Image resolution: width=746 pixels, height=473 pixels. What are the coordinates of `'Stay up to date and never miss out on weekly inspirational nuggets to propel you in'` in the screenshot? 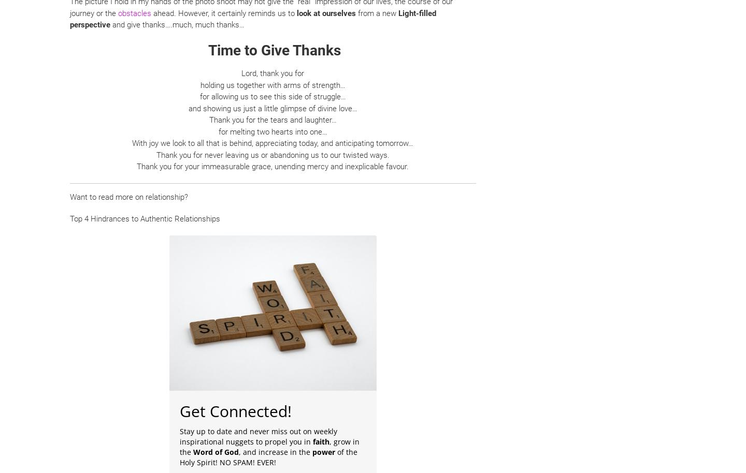 It's located at (179, 436).